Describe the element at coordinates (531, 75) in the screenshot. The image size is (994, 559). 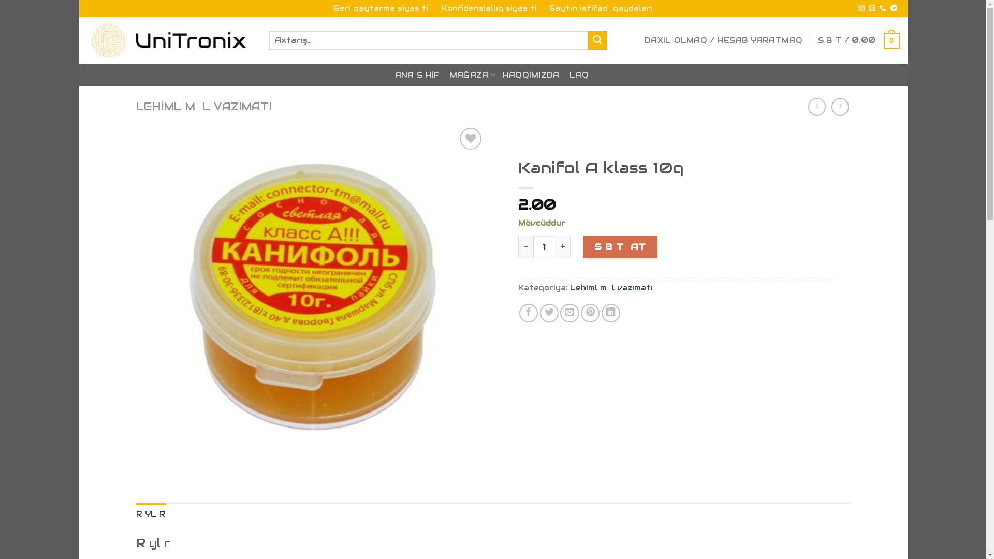
I see `'HAQQIMIZDA'` at that location.